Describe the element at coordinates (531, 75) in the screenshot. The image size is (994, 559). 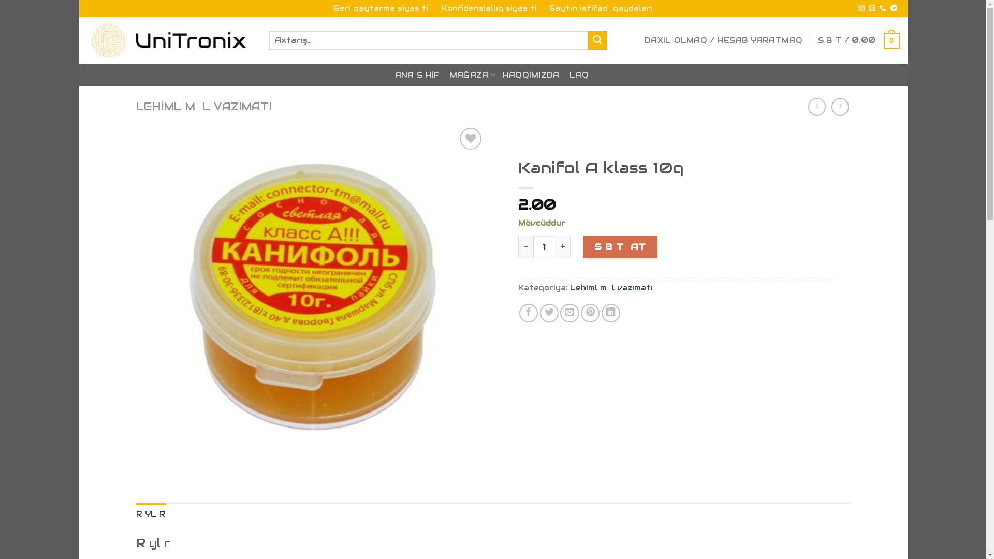
I see `'HAQQIMIZDA'` at that location.